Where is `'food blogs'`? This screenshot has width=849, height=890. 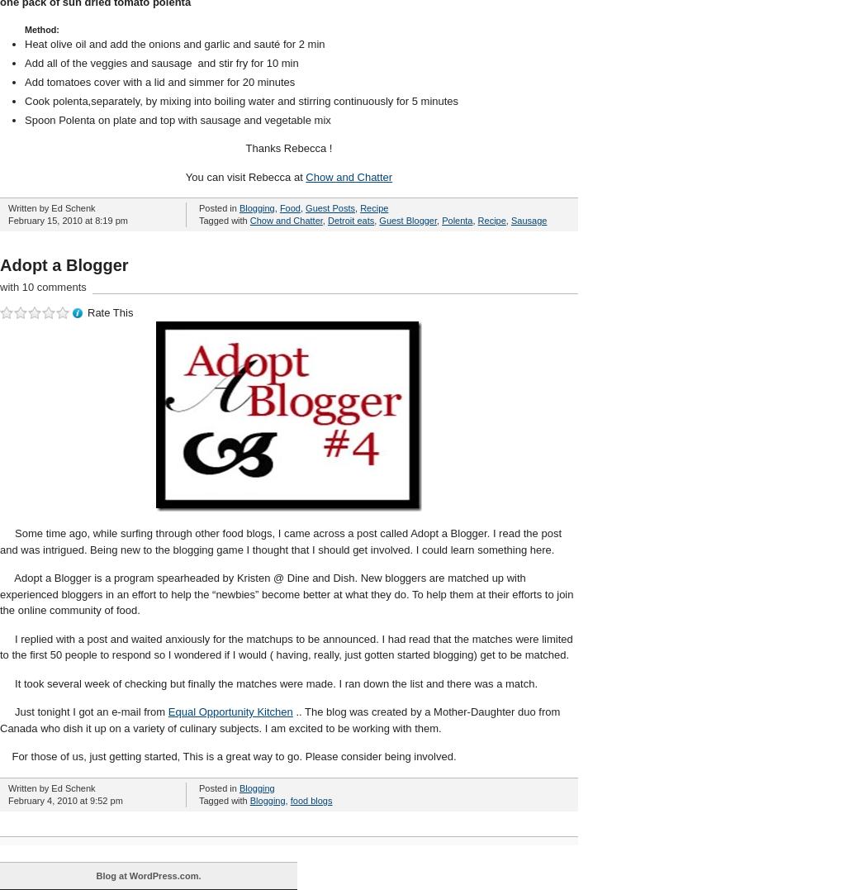
'food blogs' is located at coordinates (310, 800).